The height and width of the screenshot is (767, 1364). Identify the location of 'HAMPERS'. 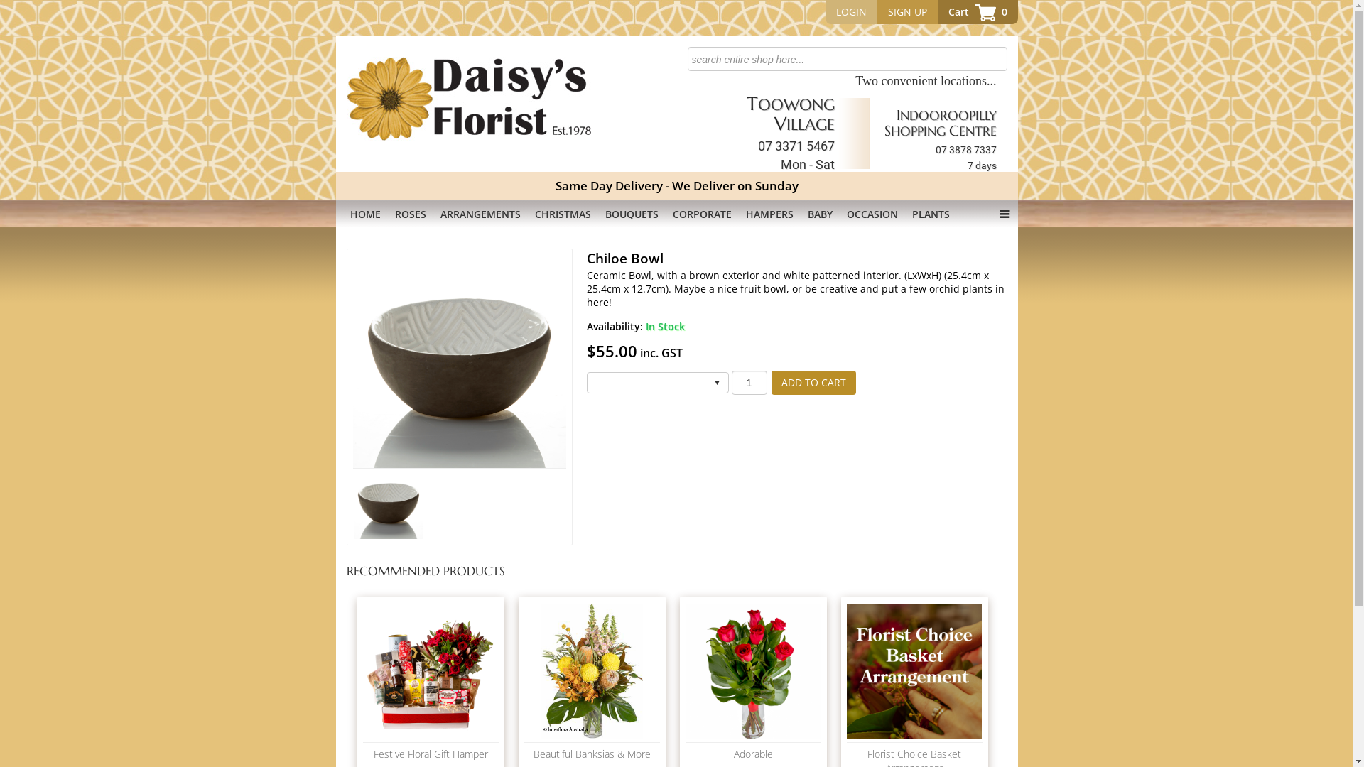
(769, 214).